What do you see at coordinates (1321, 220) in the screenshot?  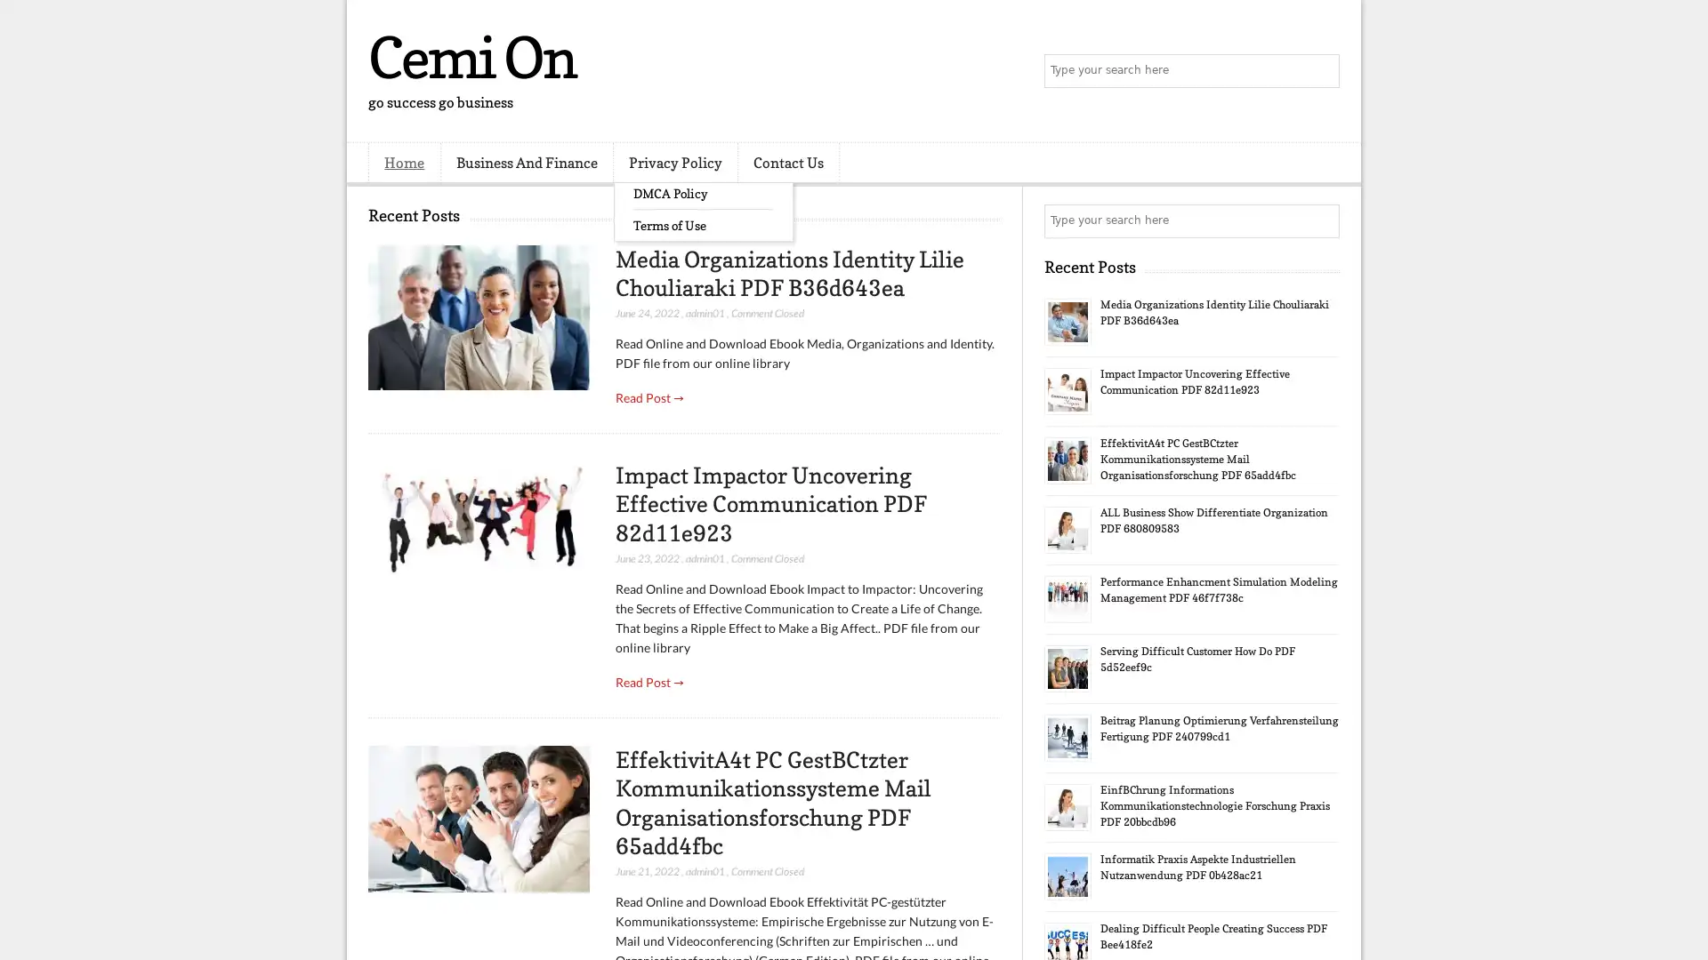 I see `Search` at bounding box center [1321, 220].